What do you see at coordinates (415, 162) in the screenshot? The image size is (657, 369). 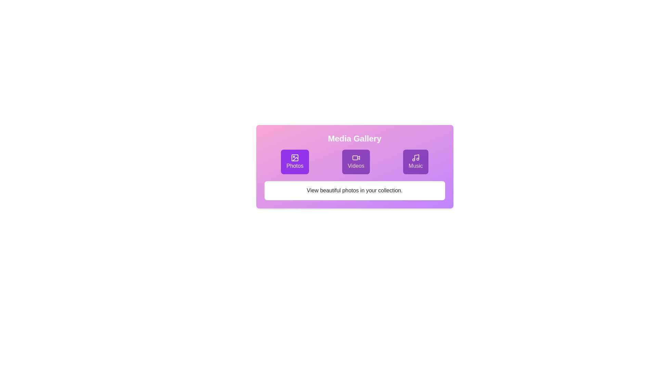 I see `the Music tab` at bounding box center [415, 162].